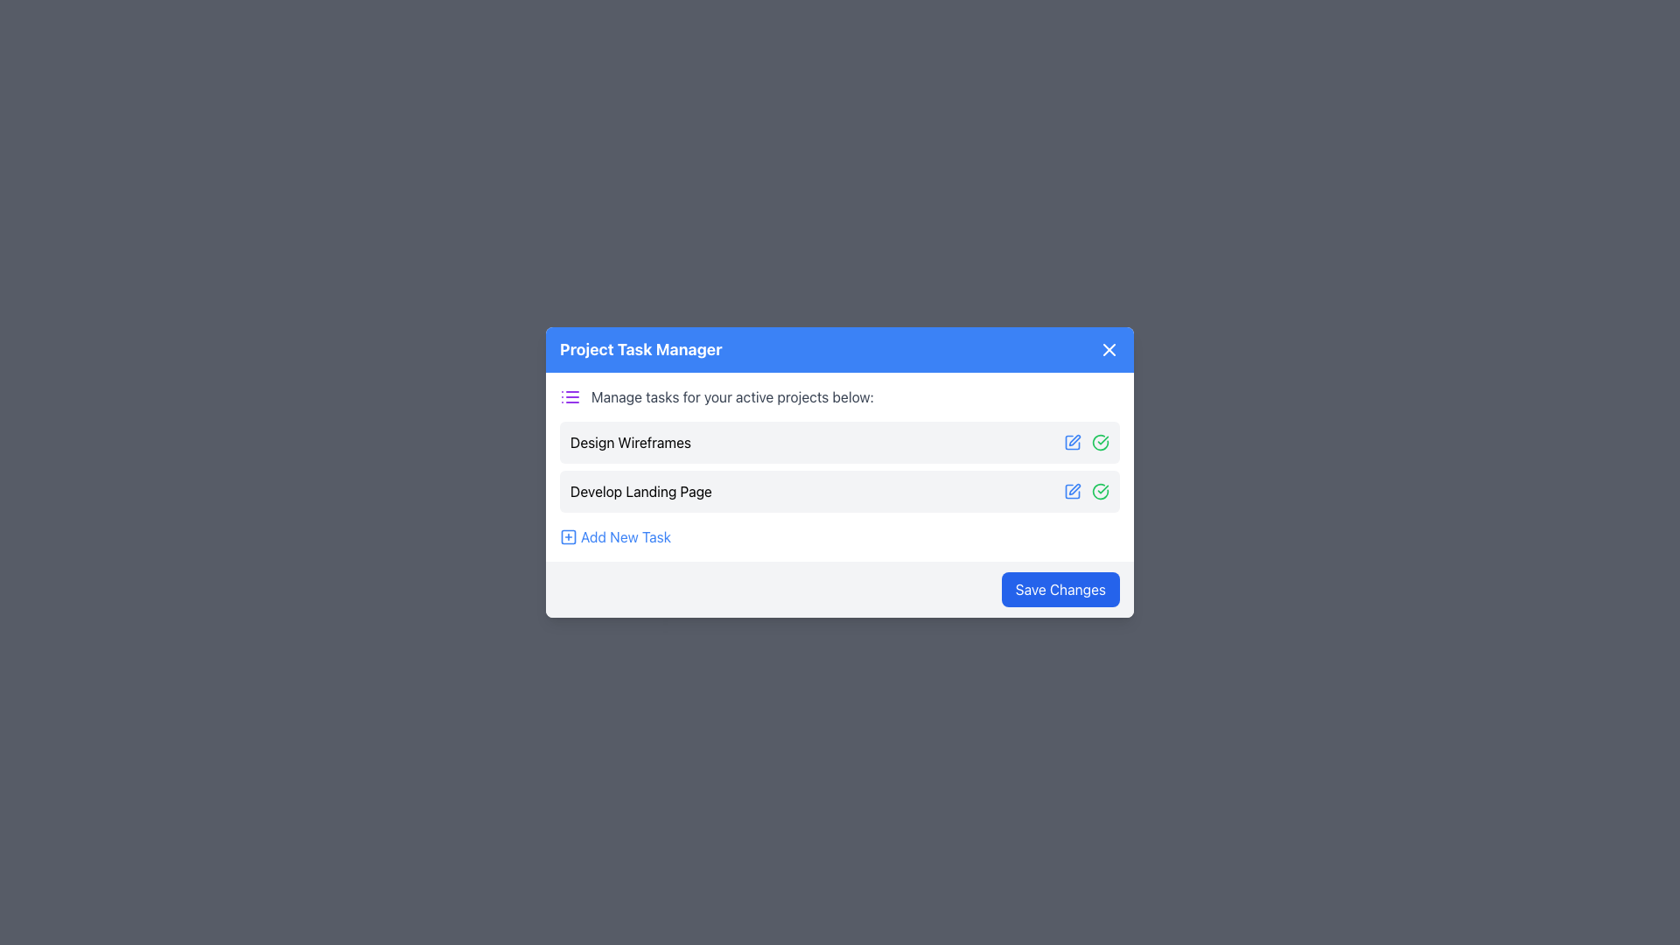 This screenshot has height=945, width=1680. What do you see at coordinates (1099, 441) in the screenshot?
I see `the Button in the second row of the task list that marks the associated task as completed, located at the rightmost position next to a pen icon, to change its color` at bounding box center [1099, 441].